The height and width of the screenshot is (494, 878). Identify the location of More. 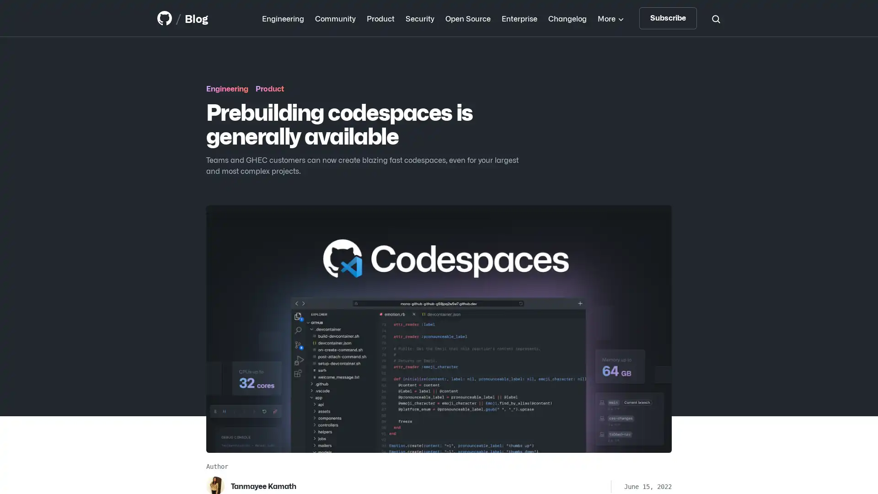
(611, 17).